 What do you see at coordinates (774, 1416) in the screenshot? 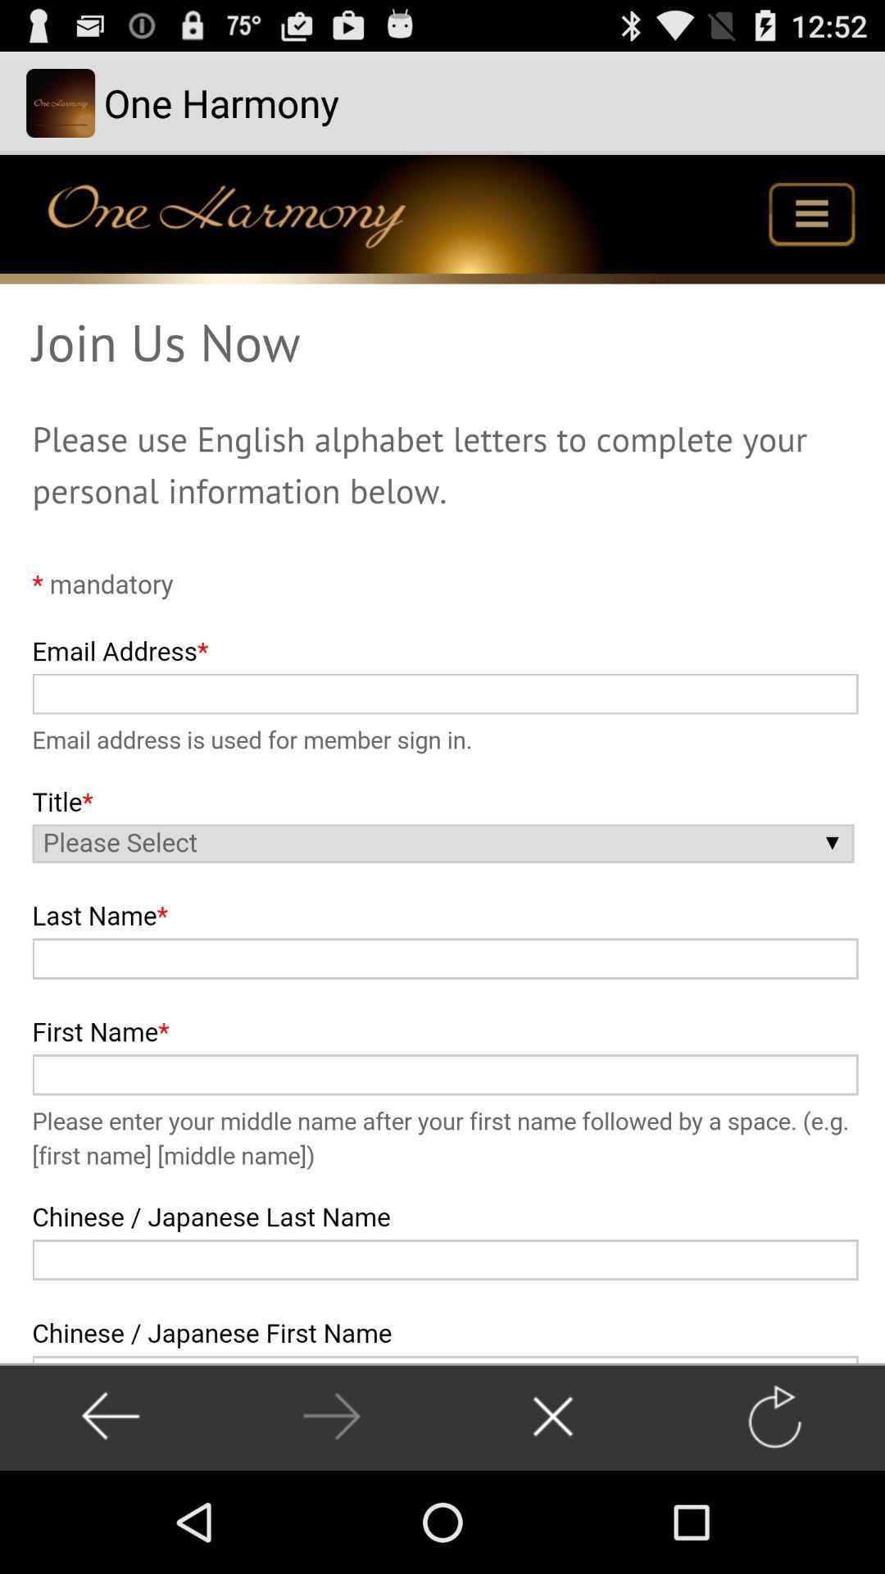
I see `refresh page` at bounding box center [774, 1416].